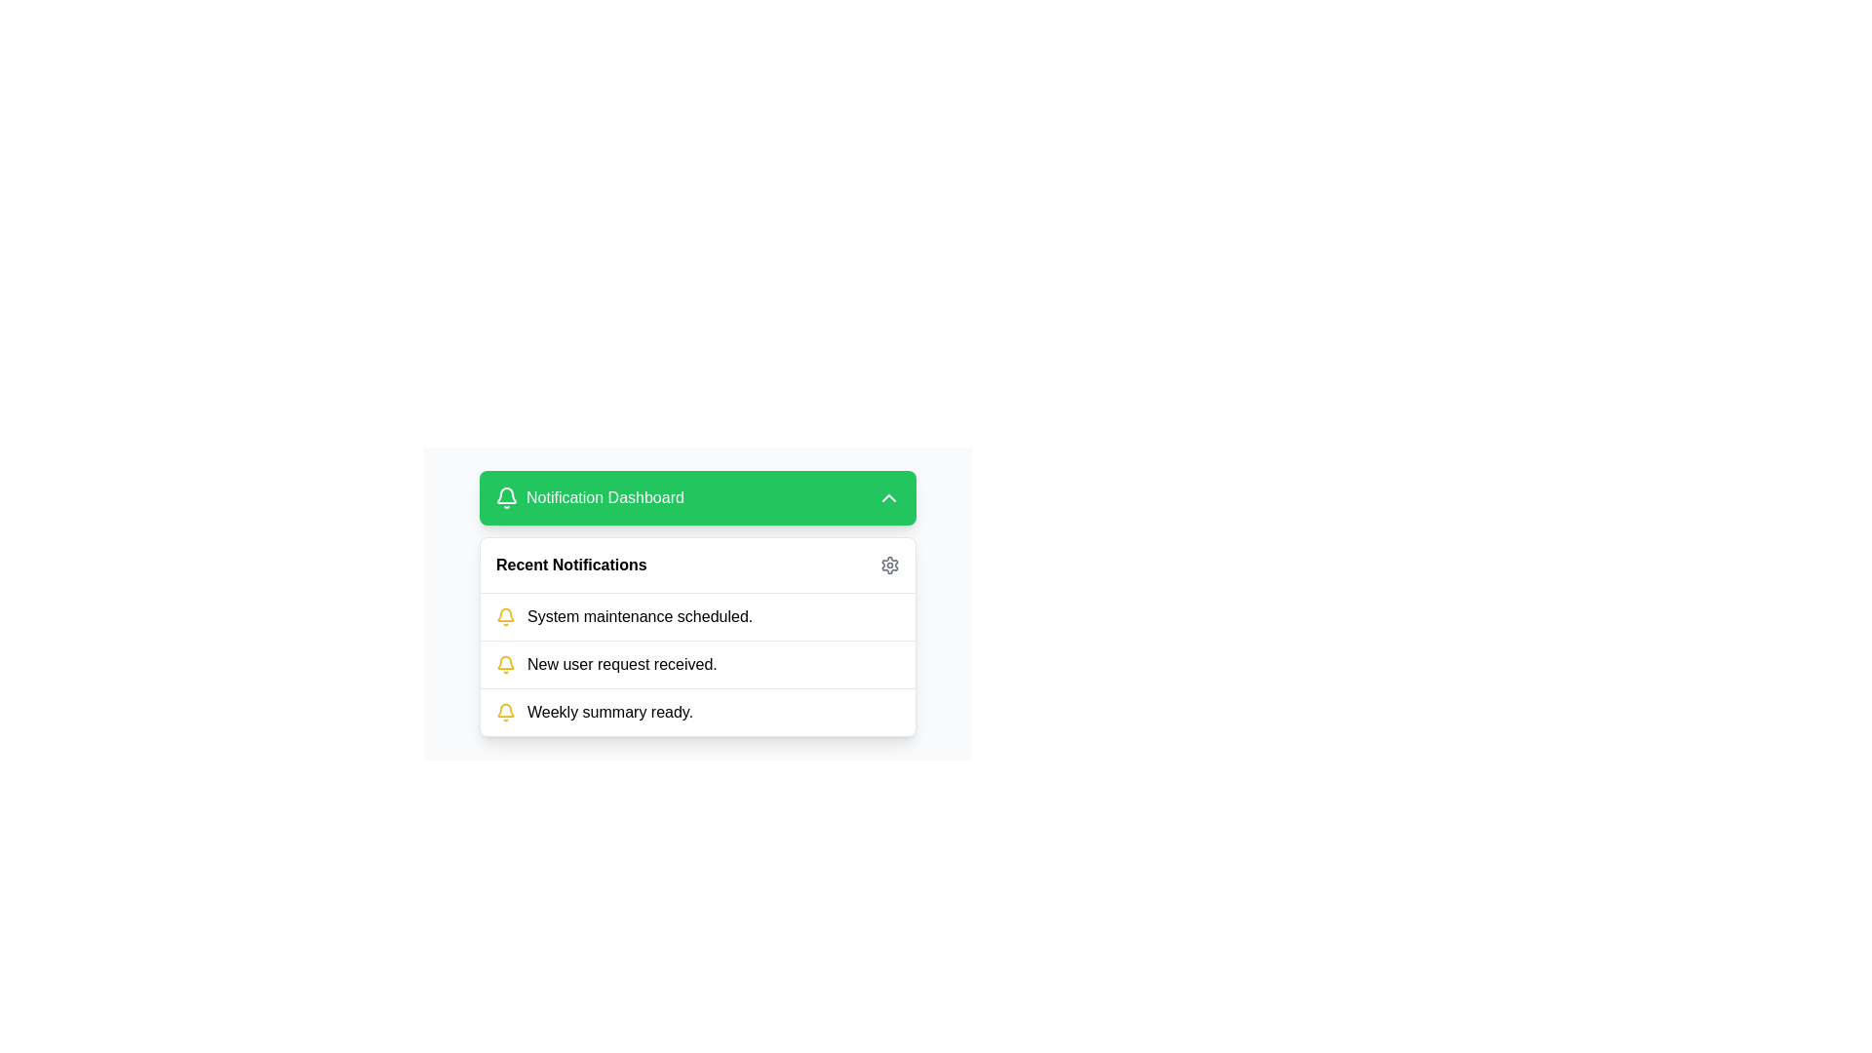 The width and height of the screenshot is (1872, 1053). What do you see at coordinates (697, 712) in the screenshot?
I see `the 'Weekly summary ready.' notification in the Recent Notifications section` at bounding box center [697, 712].